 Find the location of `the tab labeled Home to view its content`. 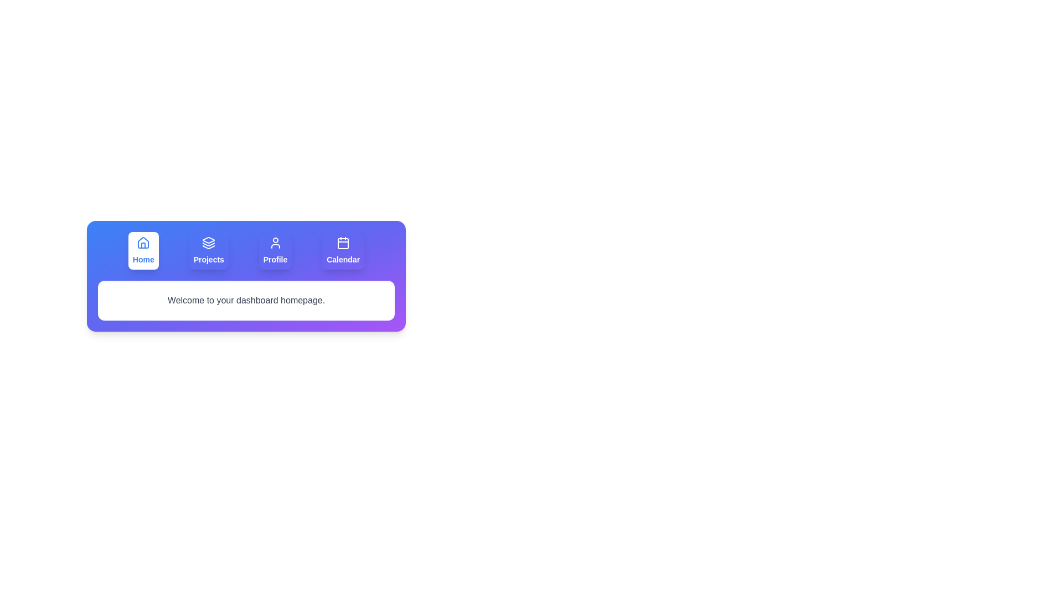

the tab labeled Home to view its content is located at coordinates (143, 250).